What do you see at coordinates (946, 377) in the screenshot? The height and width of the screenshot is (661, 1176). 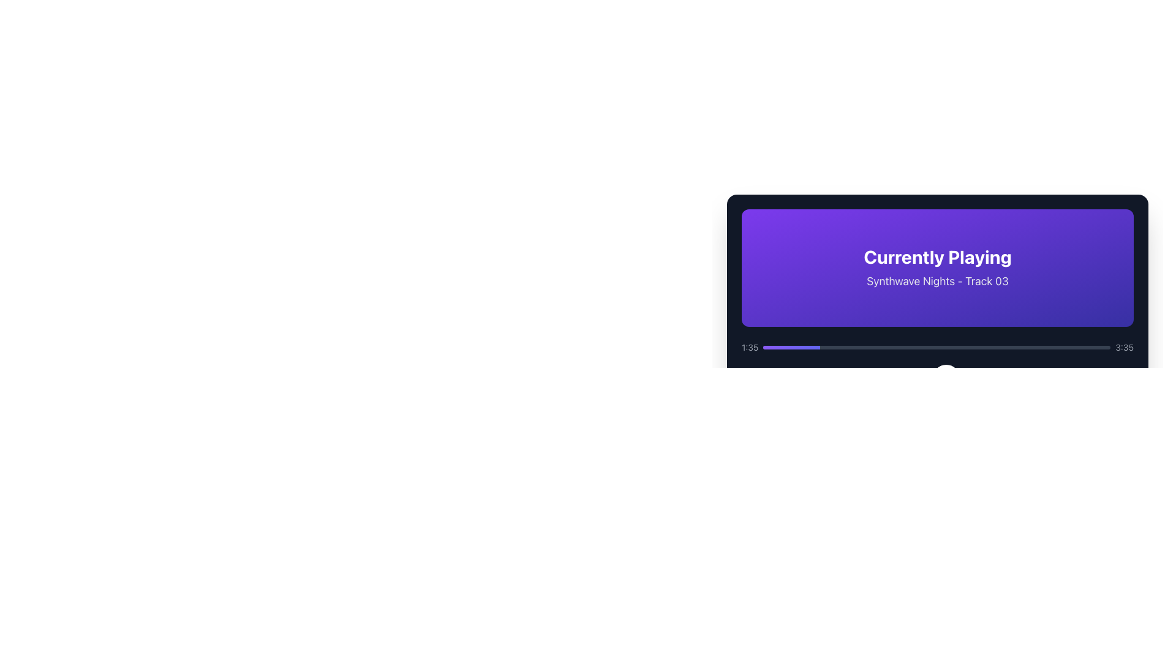 I see `the circular play button located below the progress bar of the music player UI` at bounding box center [946, 377].